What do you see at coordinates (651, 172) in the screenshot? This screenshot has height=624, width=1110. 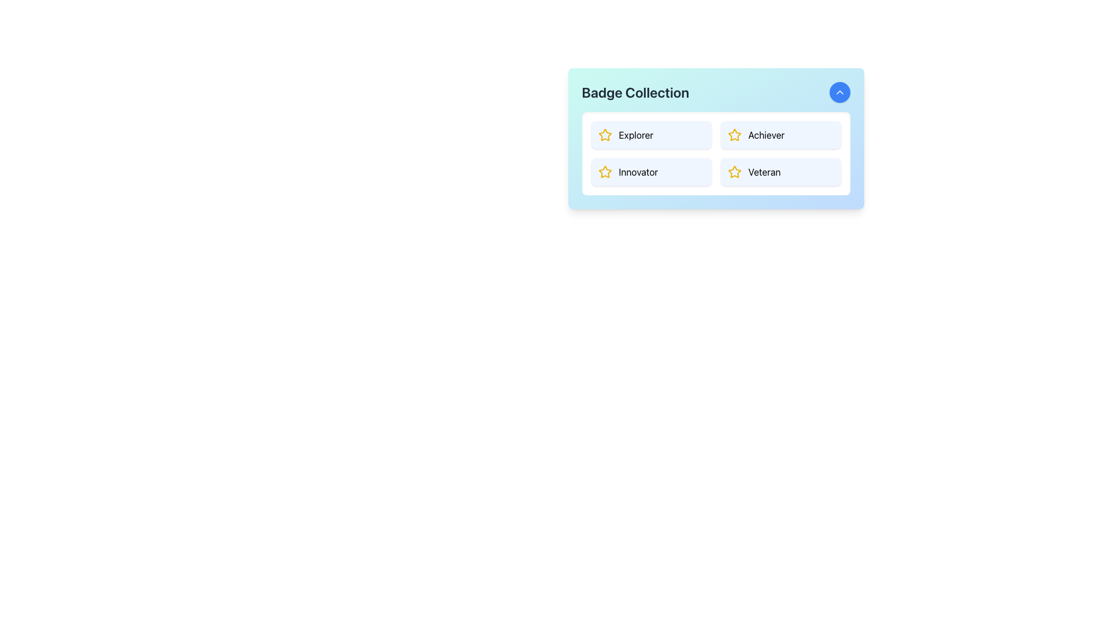 I see `the 'Innovator' badge located in the bottom-left of the badge grid, positioned under 'Explorer' and to the left of 'Veteran'` at bounding box center [651, 172].